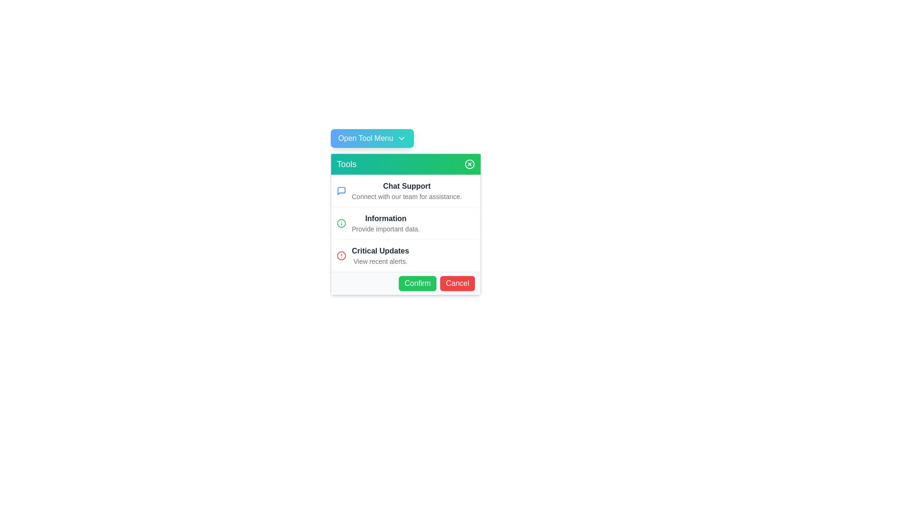 This screenshot has width=902, height=507. I want to click on the alert icon located to the left of the 'Critical Updates' label in the 'Tools' menu, so click(341, 255).